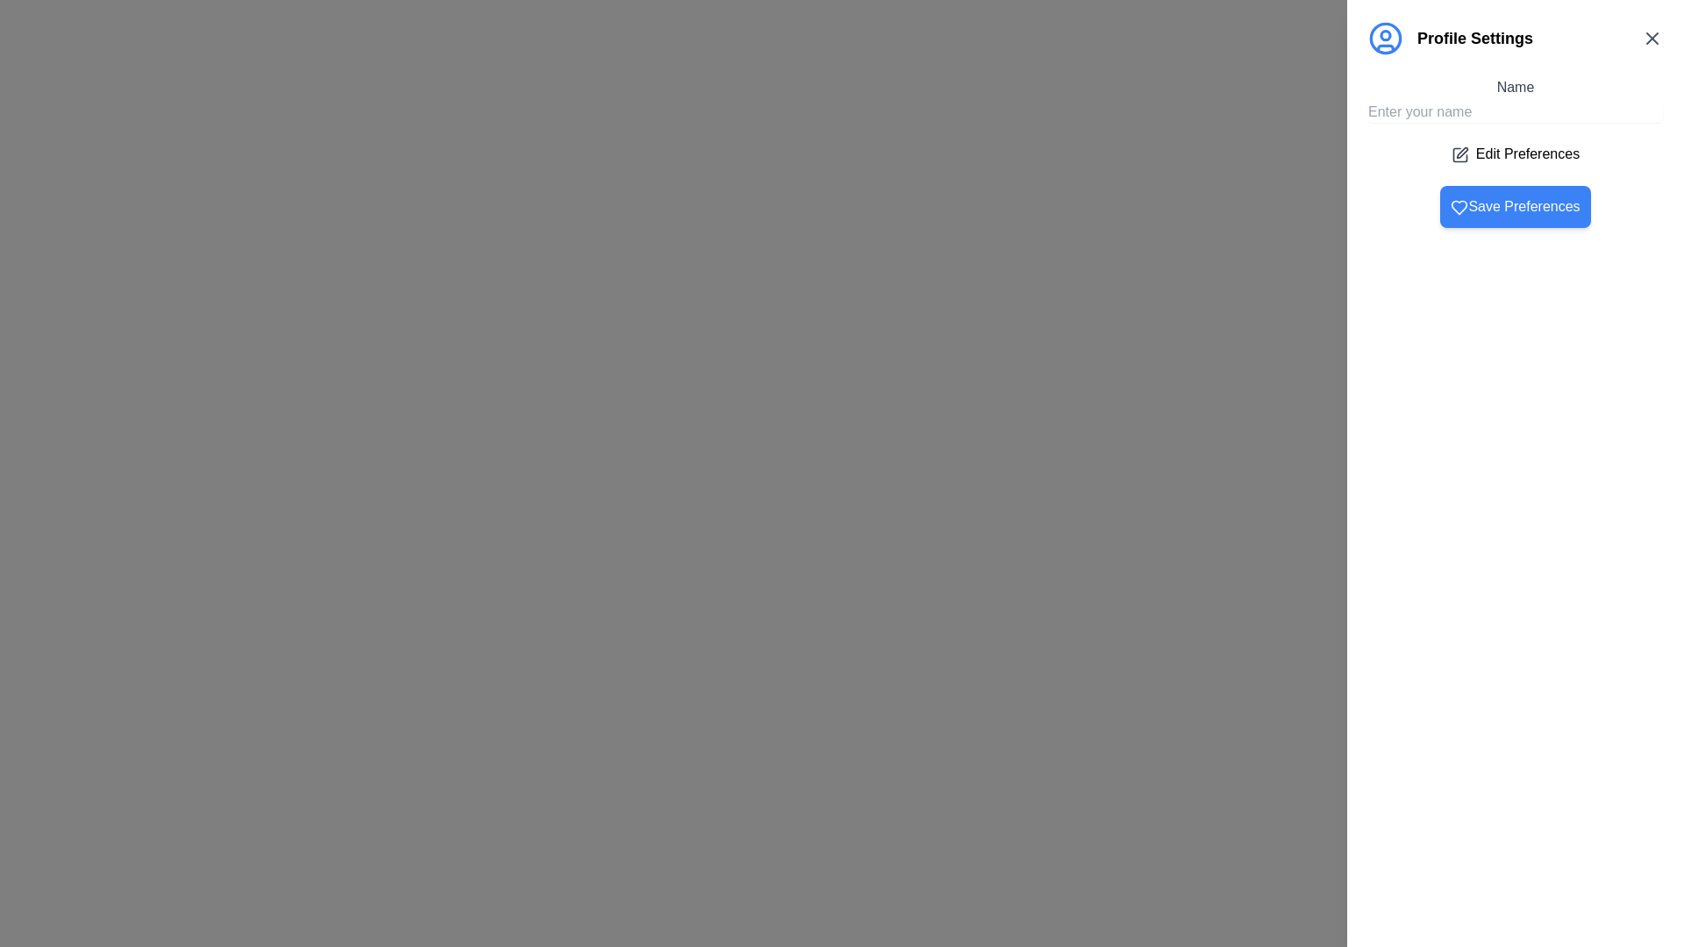 The height and width of the screenshot is (947, 1684). I want to click on the decorative icon for 'Edit Preferences' located near the top of the right sidebar, below the 'Profile Settings' title, so click(1459, 153).